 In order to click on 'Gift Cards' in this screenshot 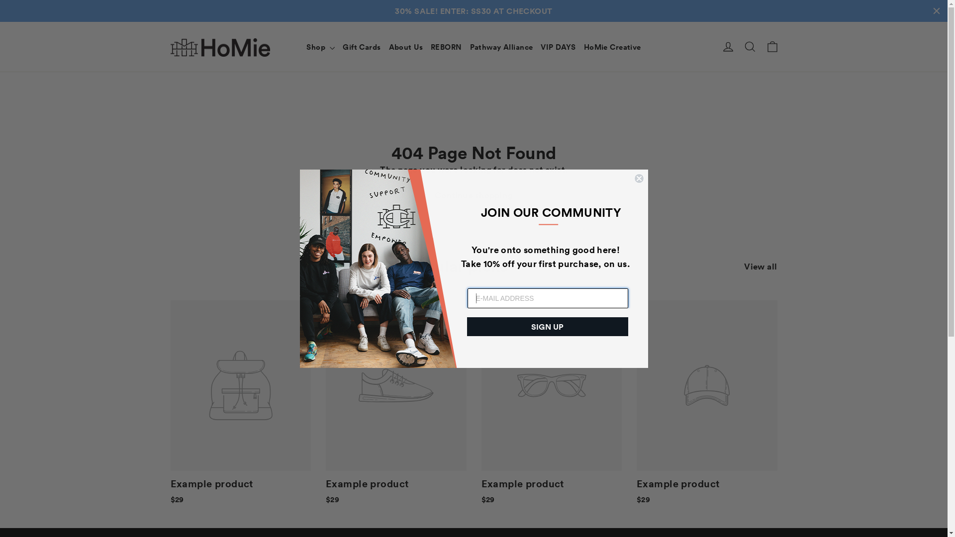, I will do `click(361, 24)`.